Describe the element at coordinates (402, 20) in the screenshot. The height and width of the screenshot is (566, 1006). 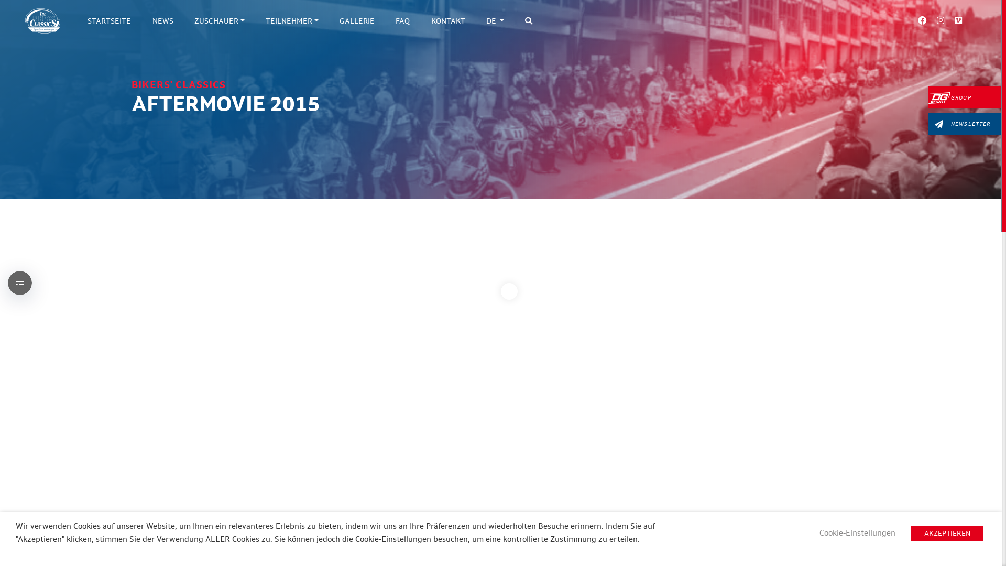
I see `'FAQ'` at that location.